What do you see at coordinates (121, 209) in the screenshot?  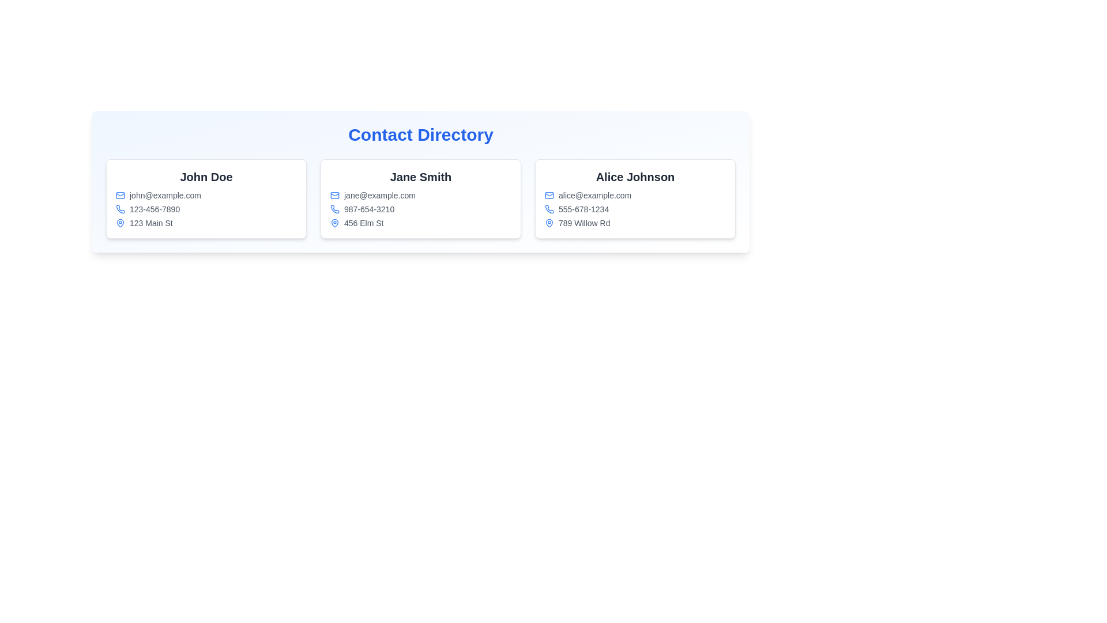 I see `the phone icon located to the left of the phone number '123-456-7890' in the contact card for 'John Doe'` at bounding box center [121, 209].